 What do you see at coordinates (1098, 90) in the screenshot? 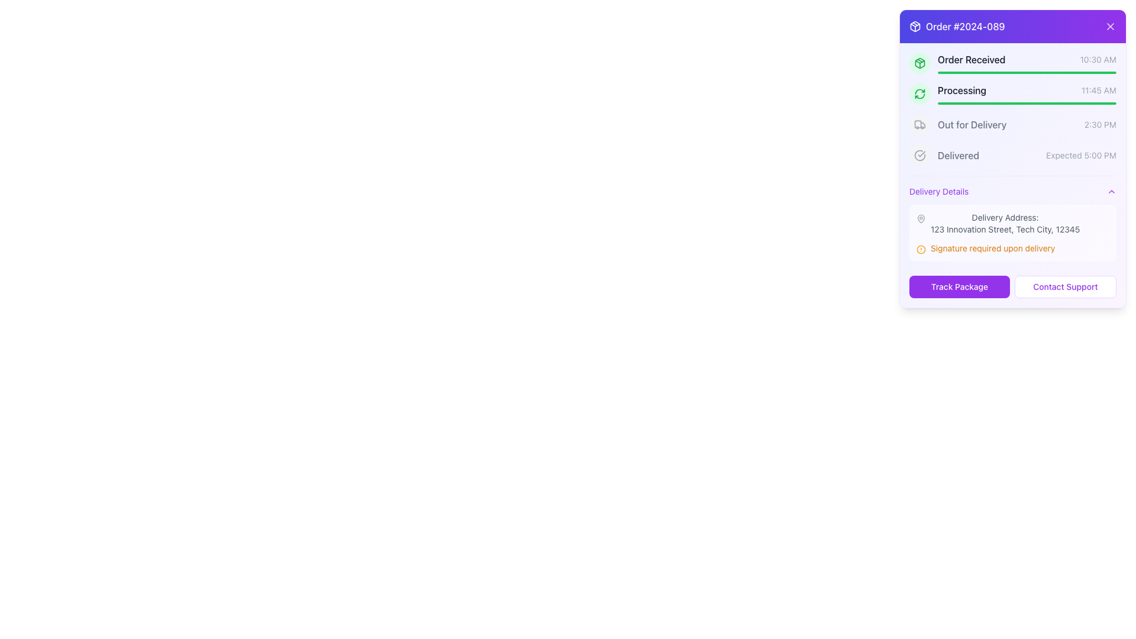
I see `the Text Label displaying '11:45 AM', which is located to the right of 'Processing' in the second entry of the timeline or status list` at bounding box center [1098, 90].